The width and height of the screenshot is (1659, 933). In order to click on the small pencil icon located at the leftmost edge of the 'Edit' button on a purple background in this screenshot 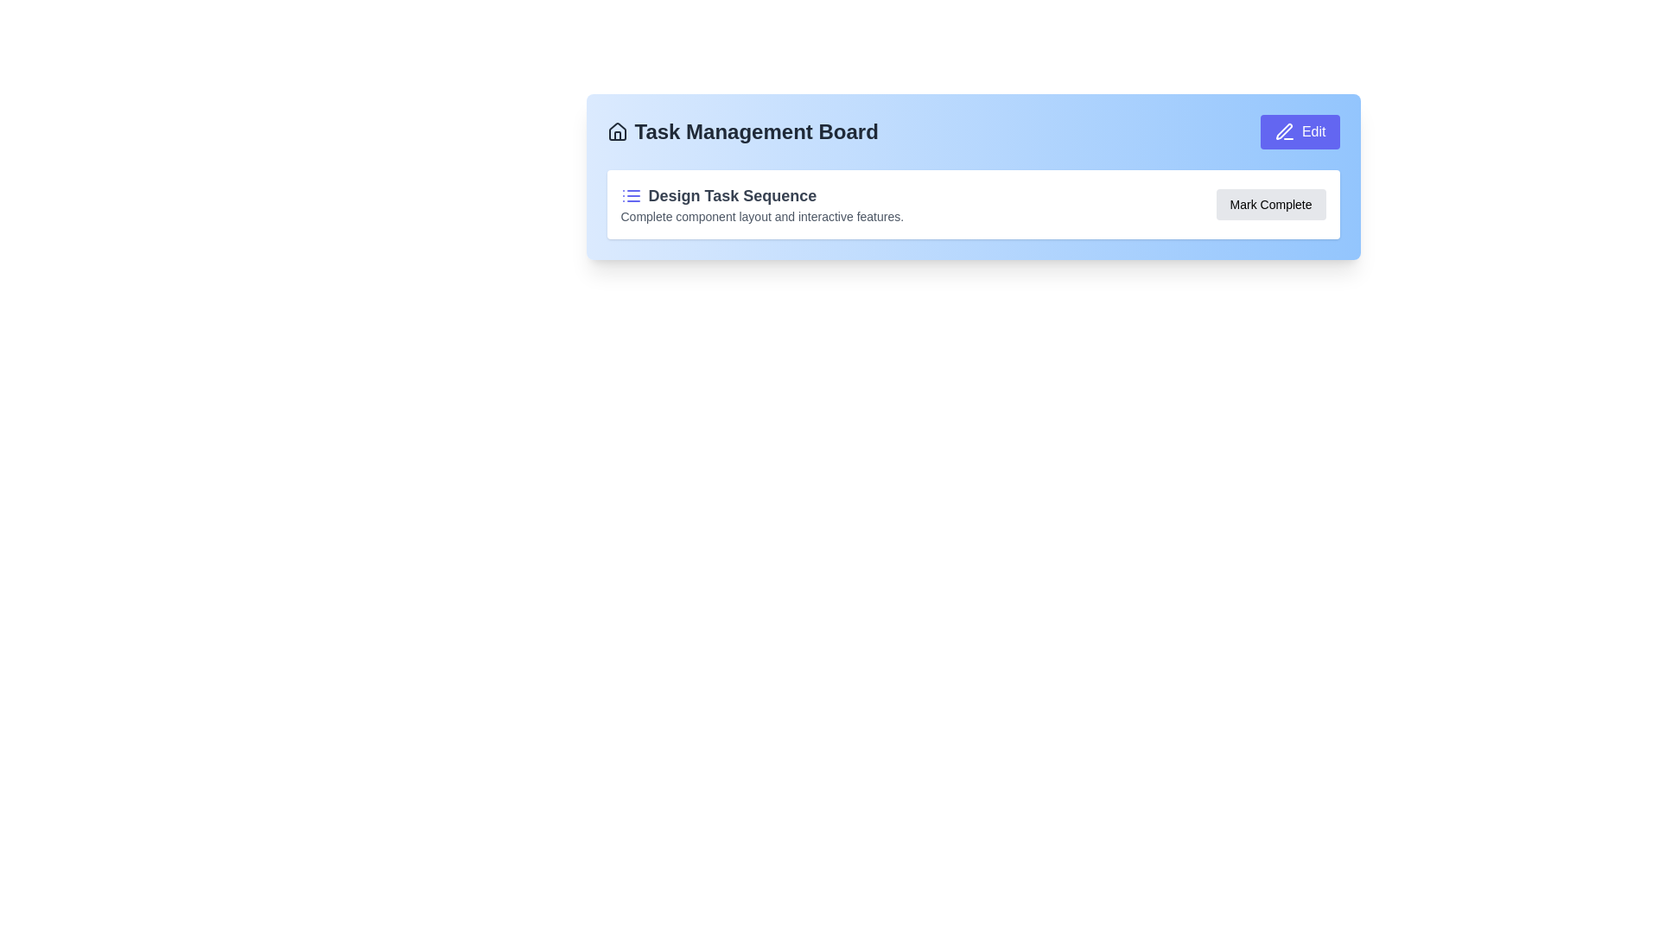, I will do `click(1284, 131)`.